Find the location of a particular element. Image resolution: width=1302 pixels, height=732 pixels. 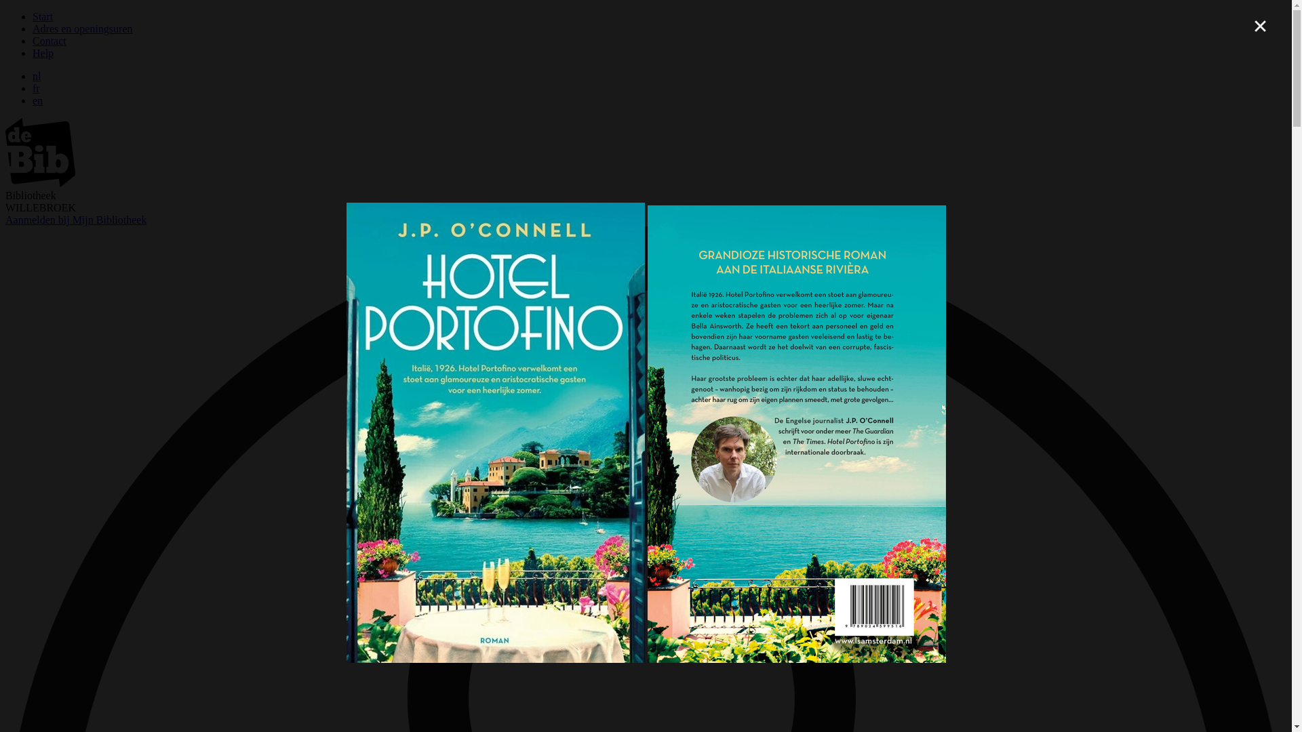

'Help' is located at coordinates (43, 52).